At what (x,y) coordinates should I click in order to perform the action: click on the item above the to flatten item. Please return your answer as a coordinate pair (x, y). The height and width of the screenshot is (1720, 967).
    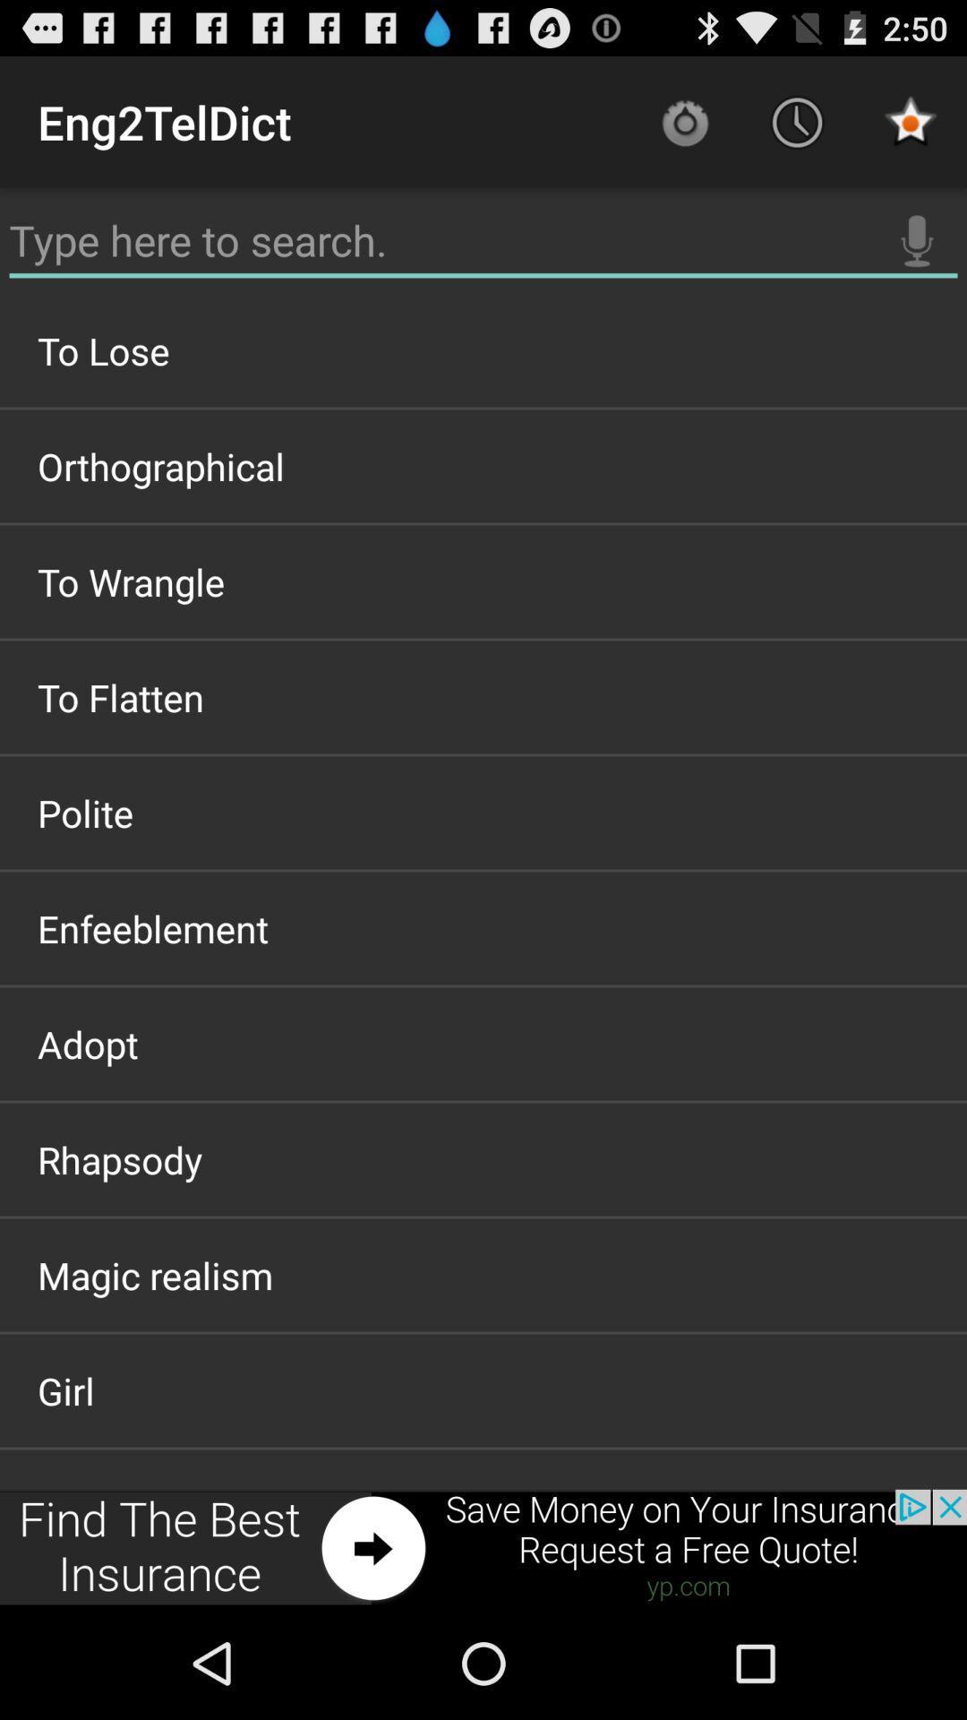
    Looking at the image, I should click on (483, 581).